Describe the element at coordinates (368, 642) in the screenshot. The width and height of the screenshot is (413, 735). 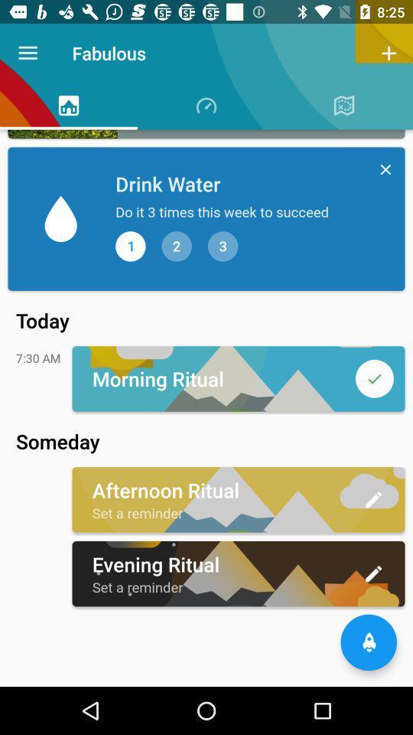
I see `the notifications icon` at that location.